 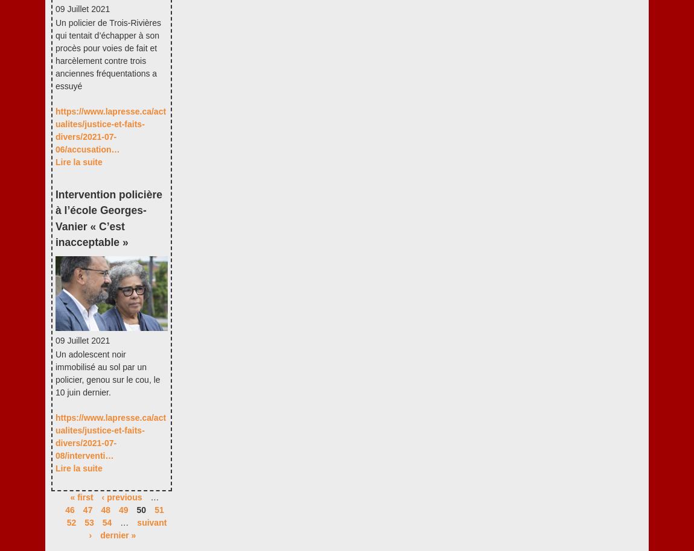 I want to click on '48', so click(x=105, y=509).